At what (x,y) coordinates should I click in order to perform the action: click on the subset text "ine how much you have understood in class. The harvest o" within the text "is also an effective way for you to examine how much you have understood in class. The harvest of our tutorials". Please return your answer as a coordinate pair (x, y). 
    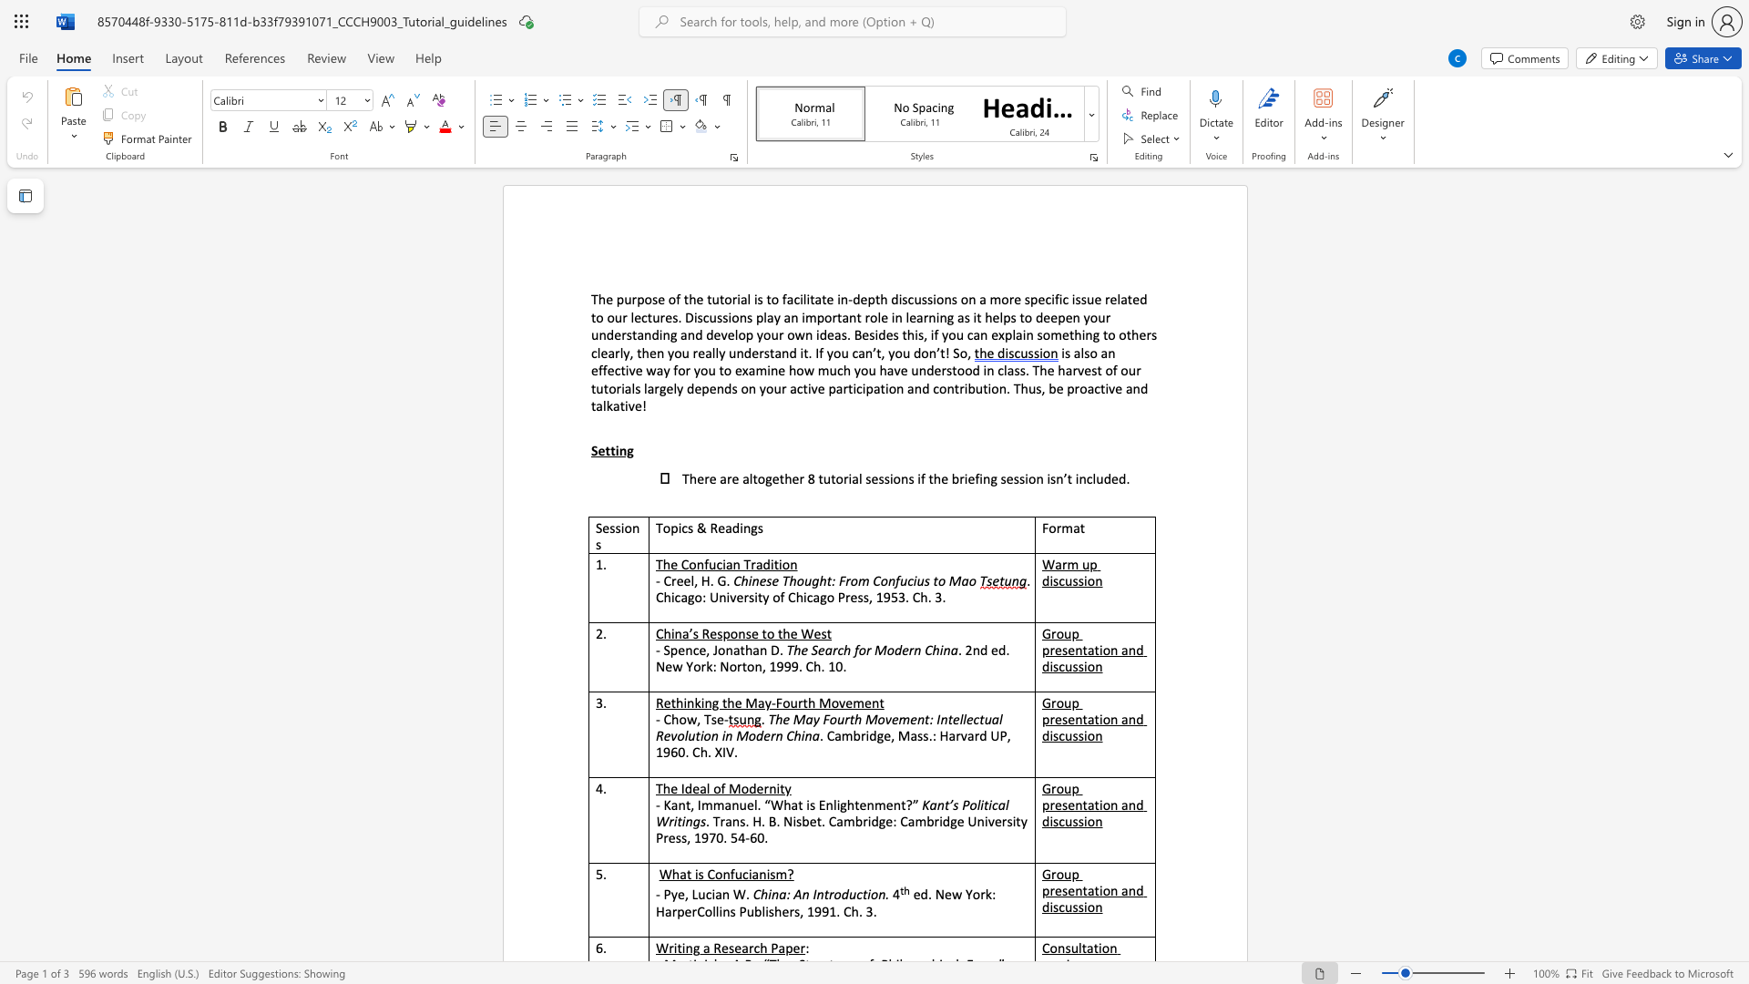
    Looking at the image, I should click on (767, 369).